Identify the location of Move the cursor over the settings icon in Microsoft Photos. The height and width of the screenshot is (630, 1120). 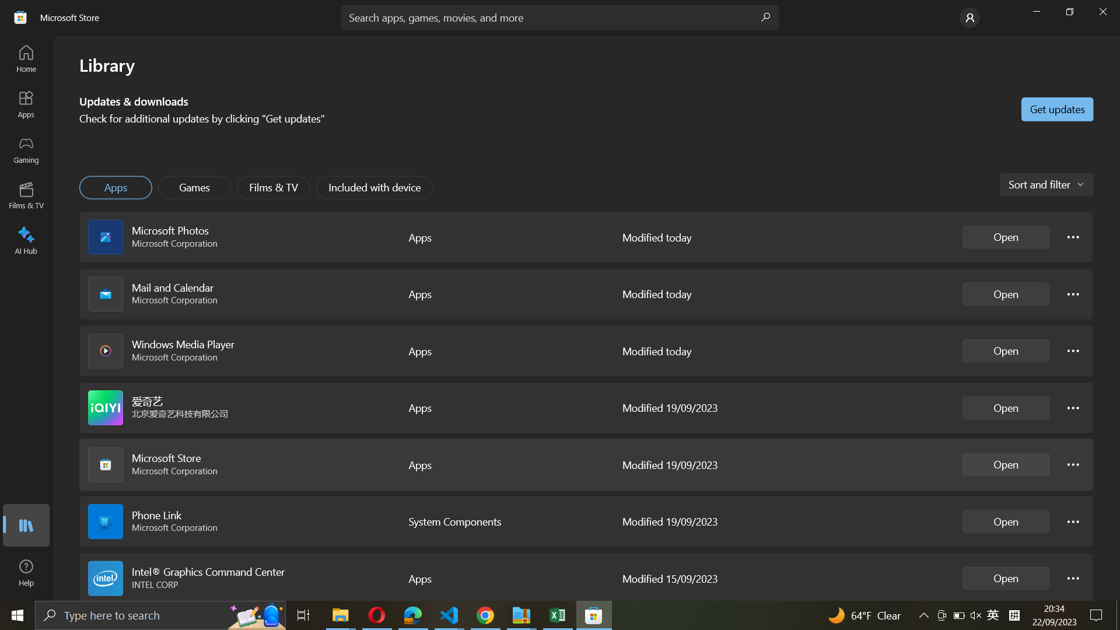
(2059120, 256410).